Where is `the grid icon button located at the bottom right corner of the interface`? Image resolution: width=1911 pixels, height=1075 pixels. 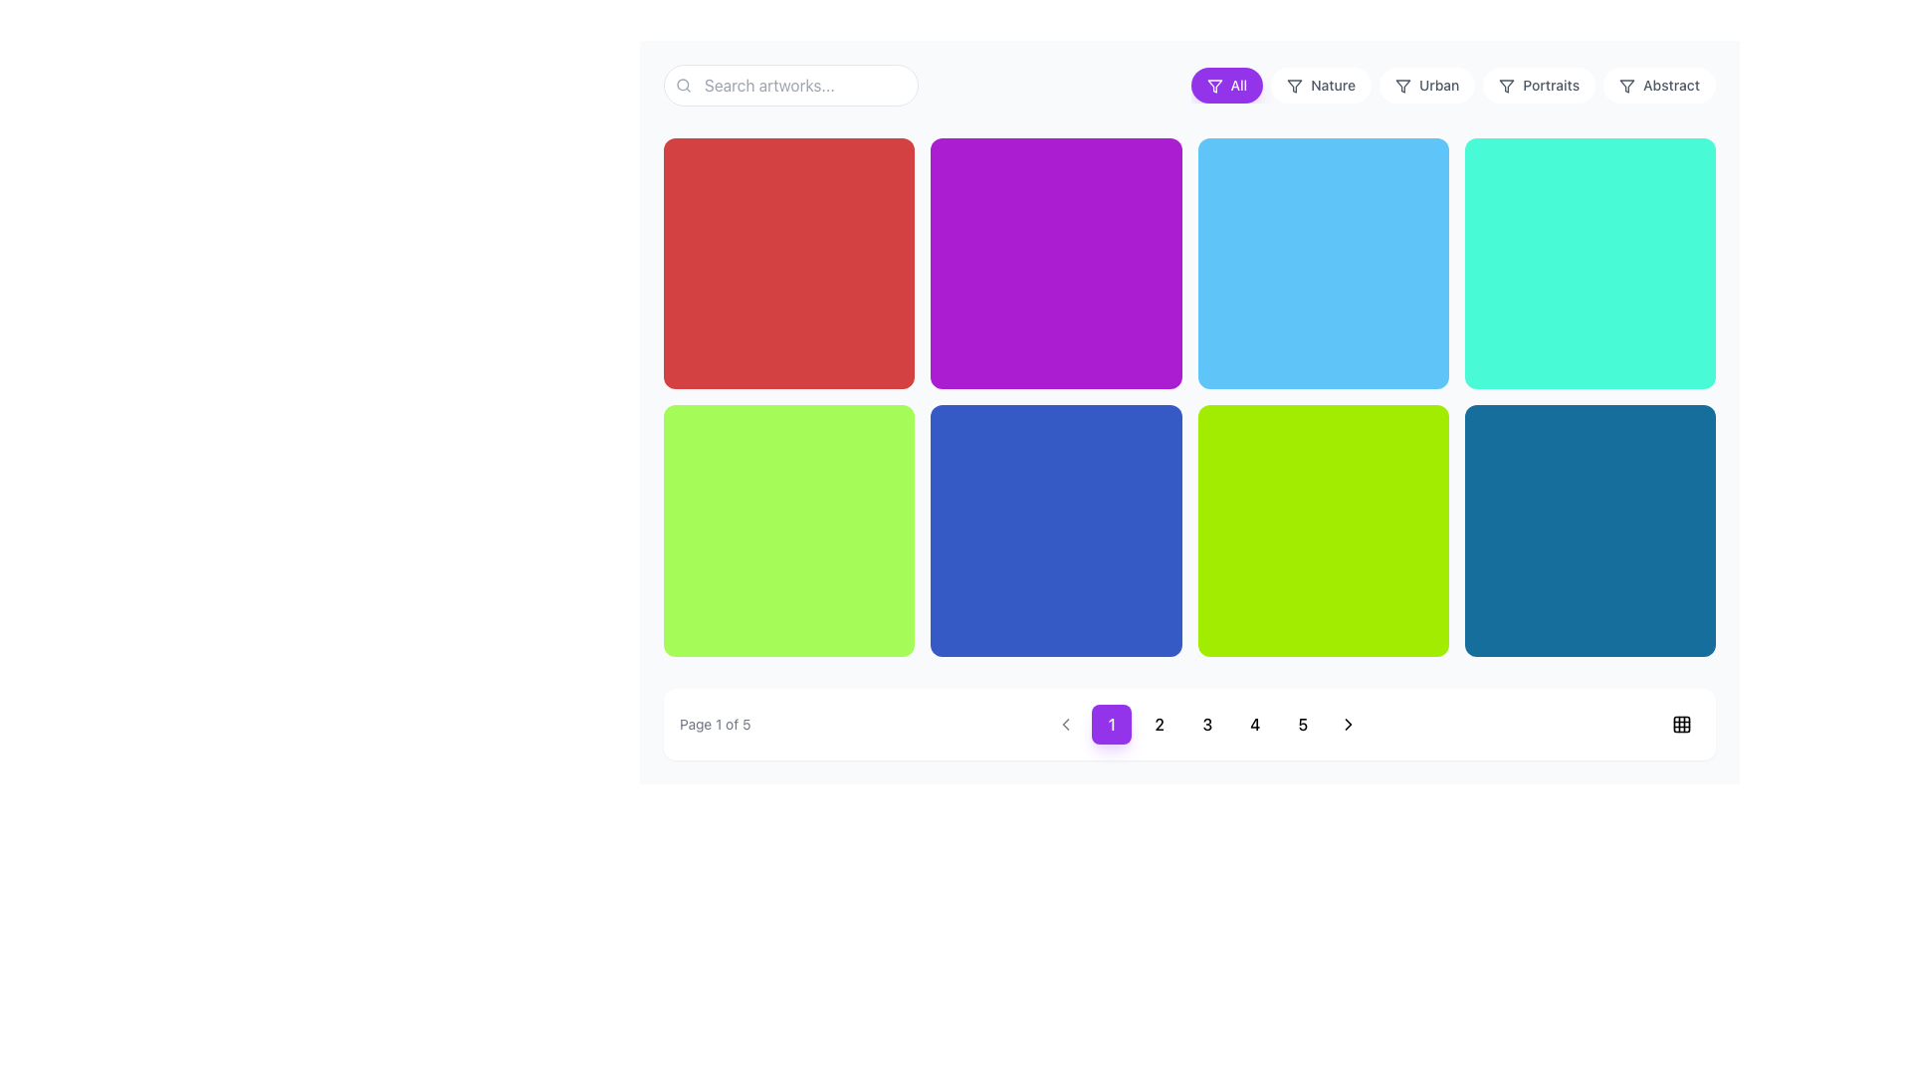
the grid icon button located at the bottom right corner of the interface is located at coordinates (1680, 724).